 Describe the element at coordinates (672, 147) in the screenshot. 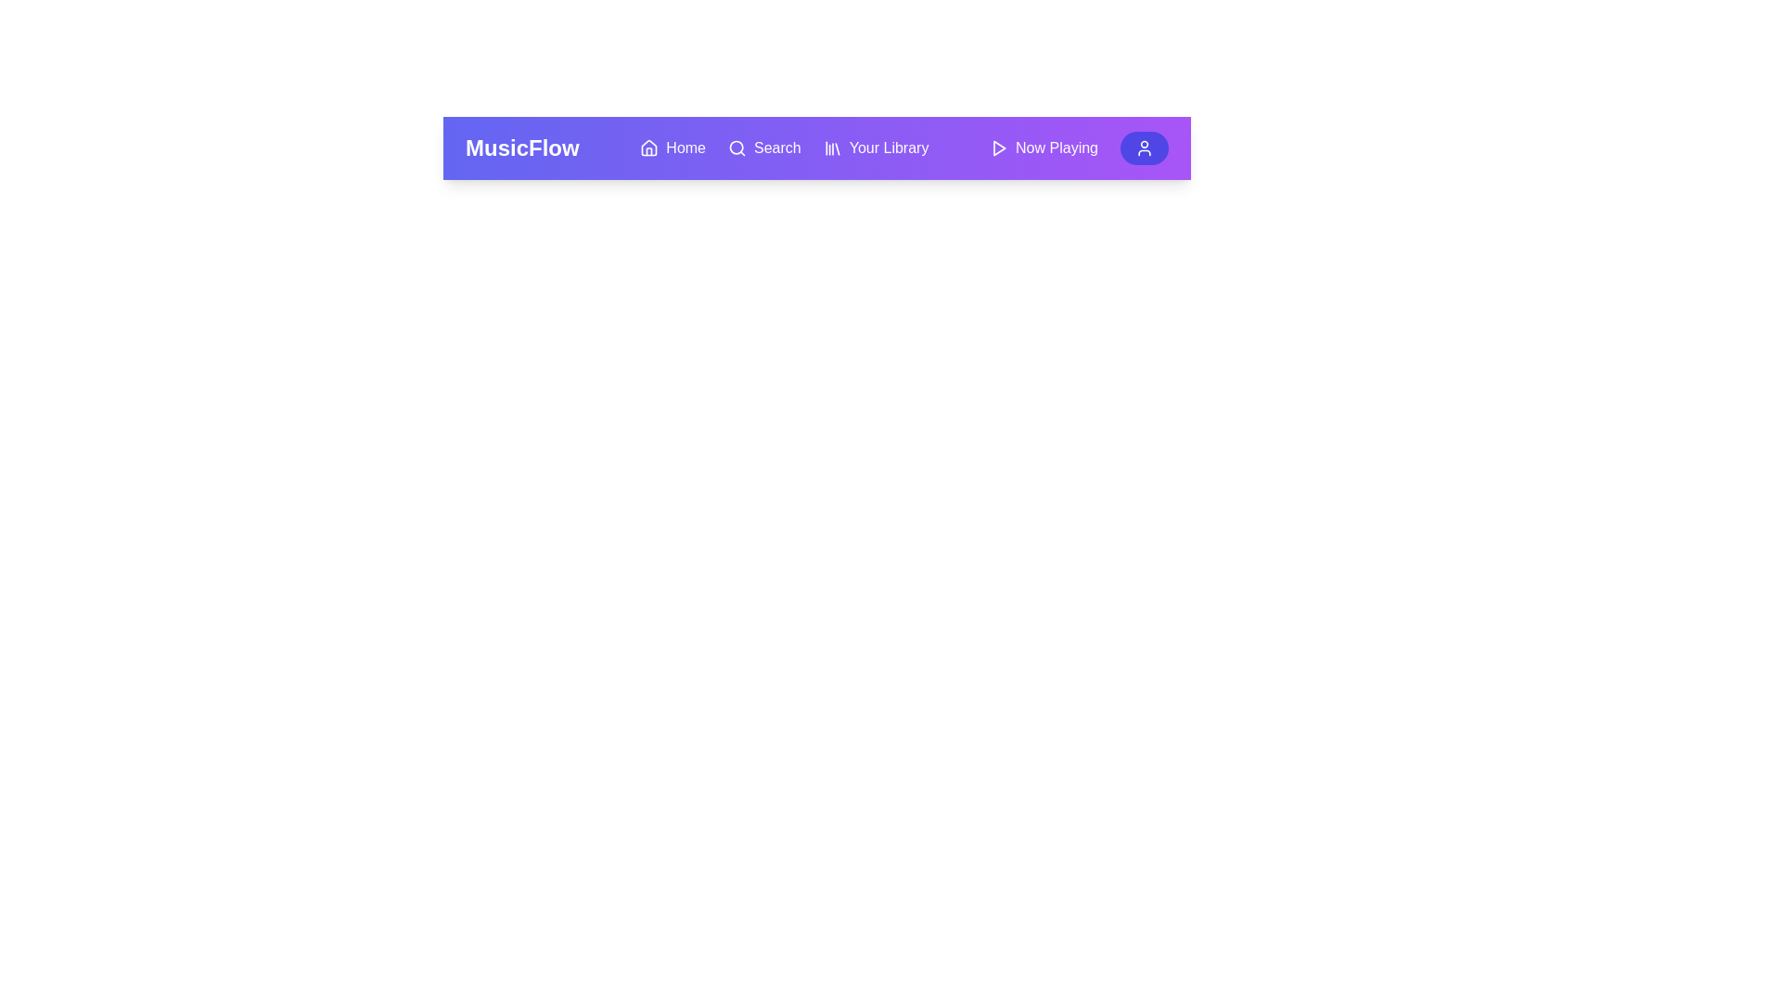

I see `the 'Home' button to navigate to the home page` at that location.